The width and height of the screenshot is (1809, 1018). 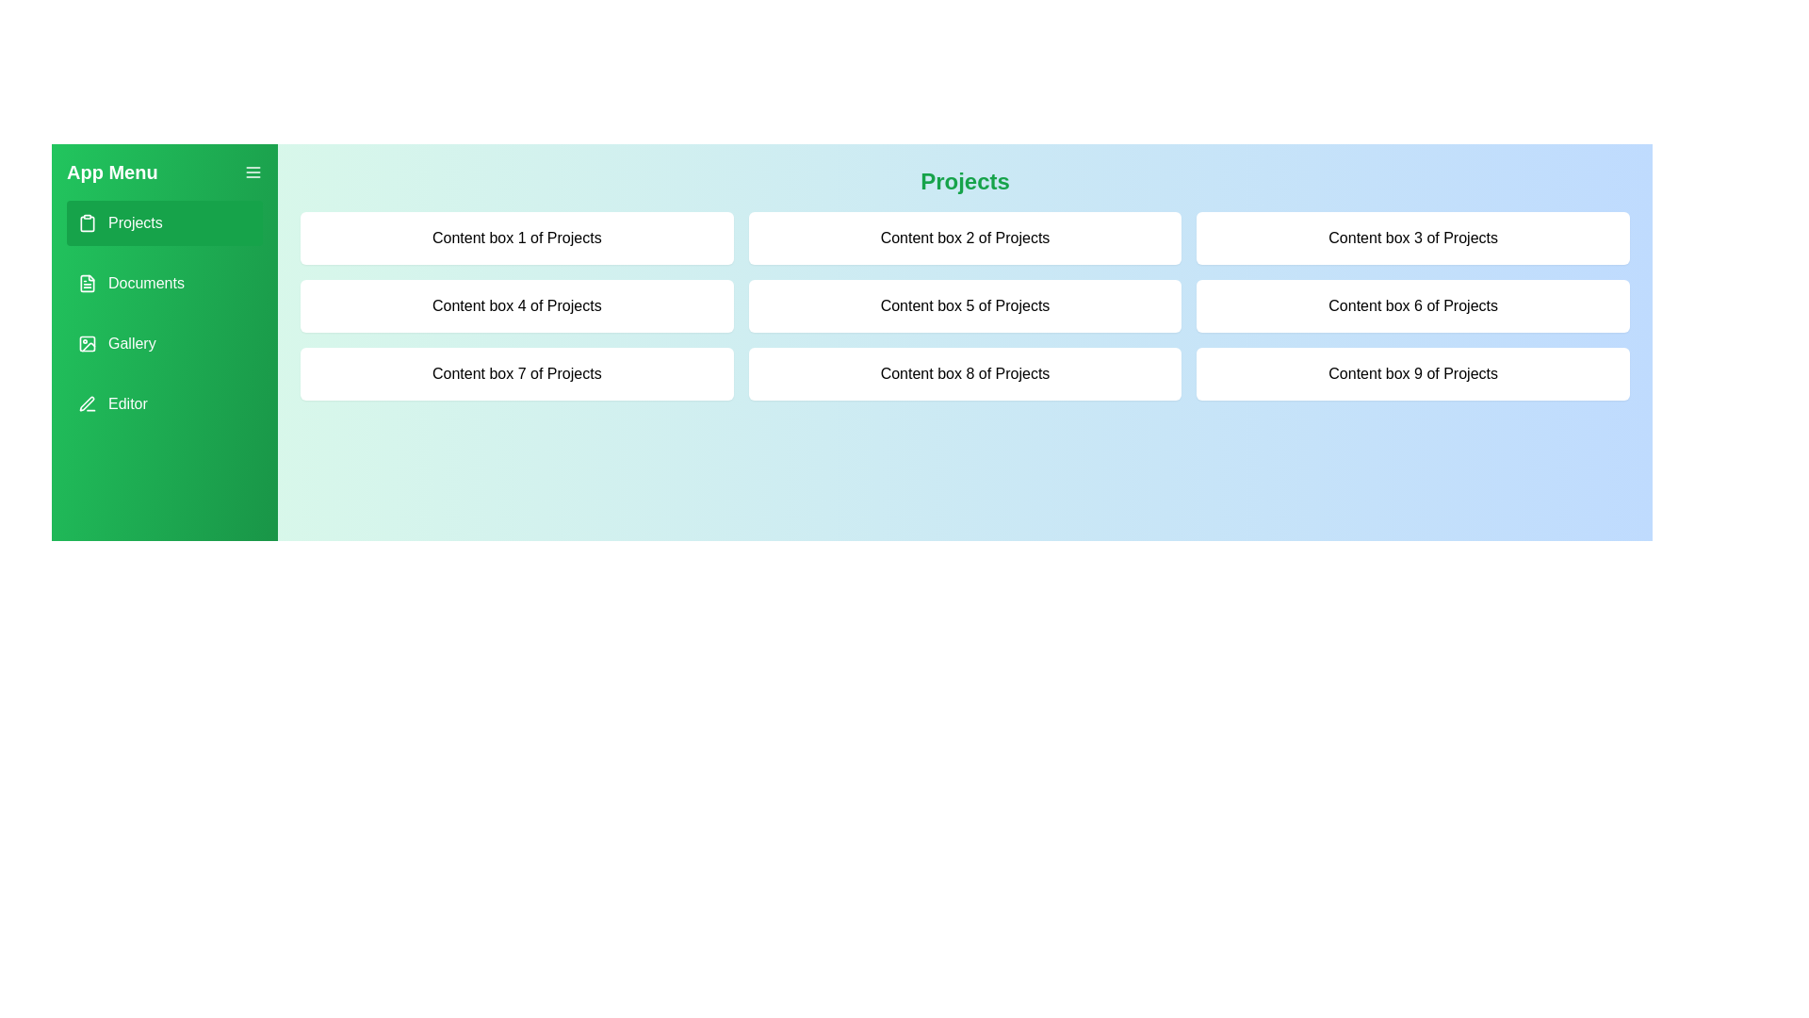 I want to click on the section Projects from the menu, so click(x=164, y=222).